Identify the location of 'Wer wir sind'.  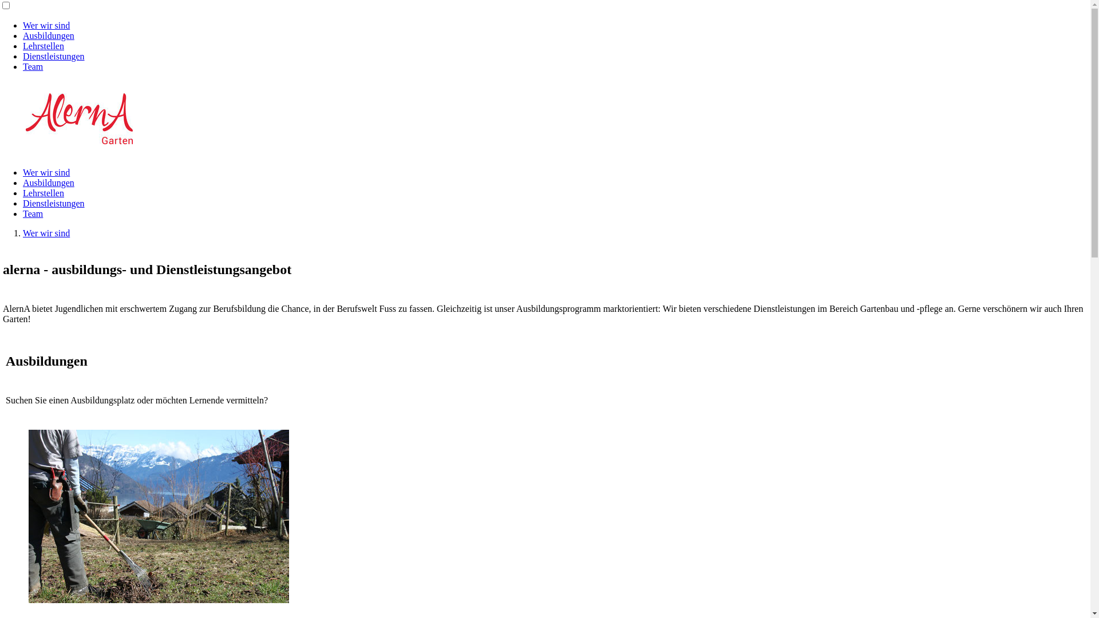
(46, 232).